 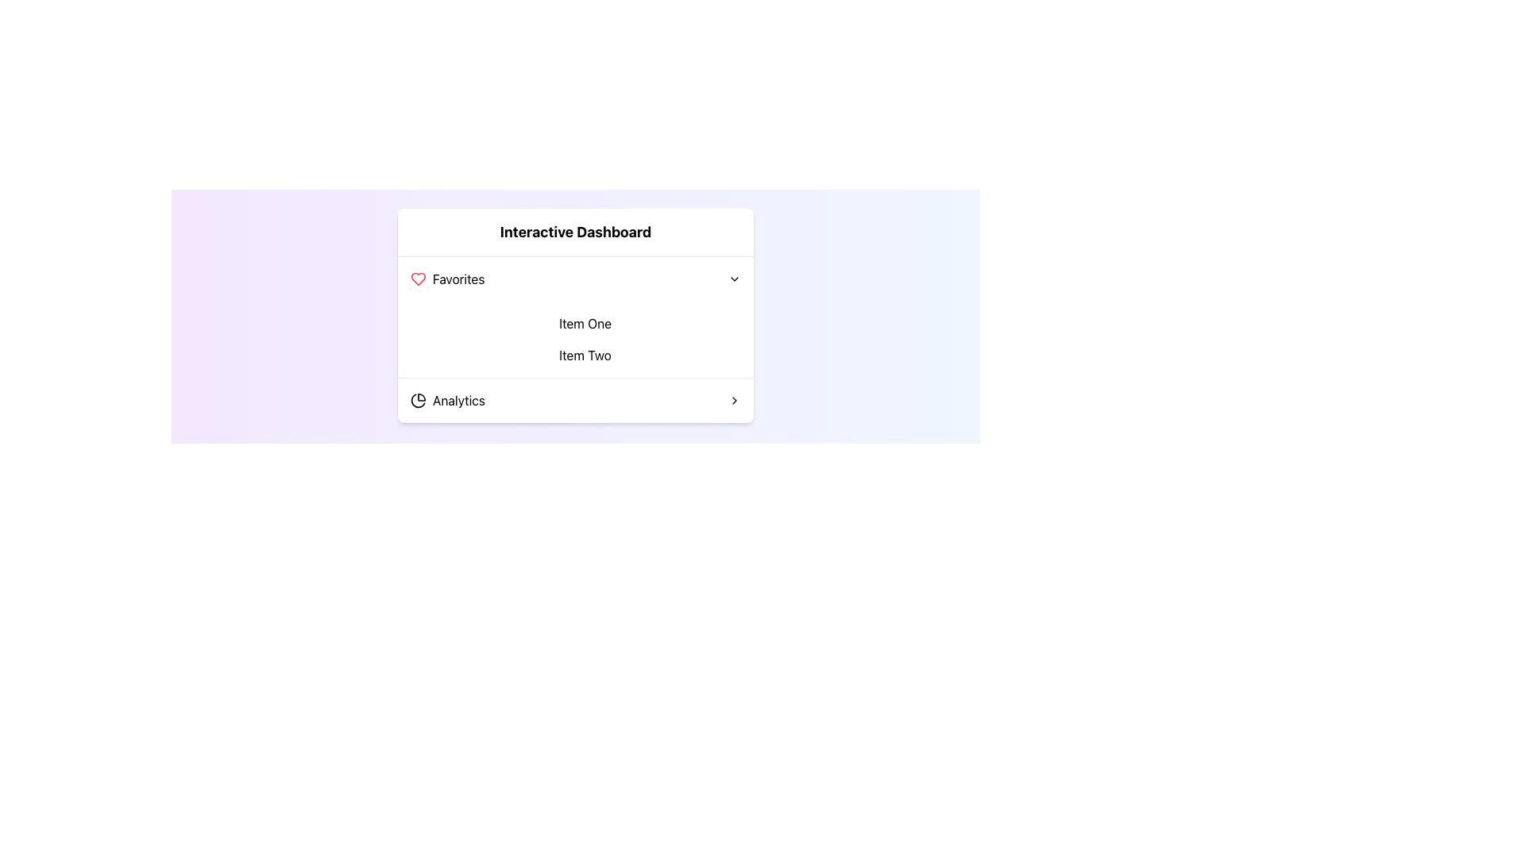 I want to click on the horizontal group containing a heart-shaped icon and the text label 'Favorites', so click(x=446, y=278).